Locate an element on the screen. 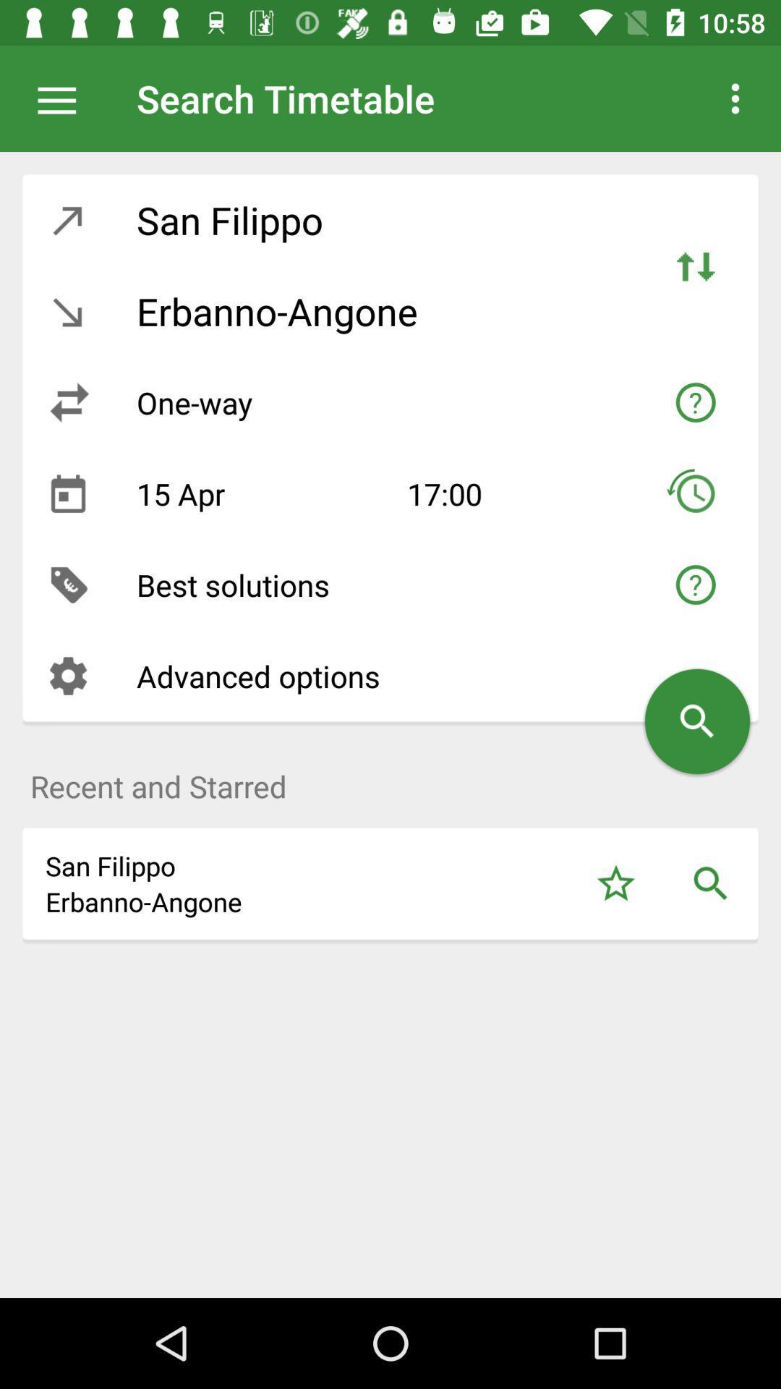  the app next to the search timetable is located at coordinates (64, 98).